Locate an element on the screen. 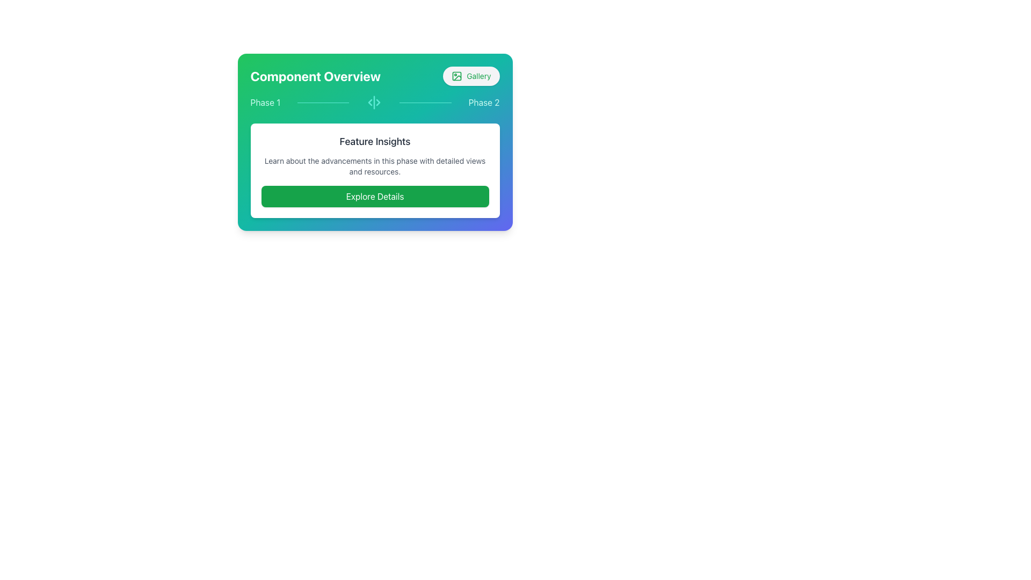 The width and height of the screenshot is (1031, 580). text content of the heading labeled 'Component Overview' located on the left side of the header structure is located at coordinates (315, 76).